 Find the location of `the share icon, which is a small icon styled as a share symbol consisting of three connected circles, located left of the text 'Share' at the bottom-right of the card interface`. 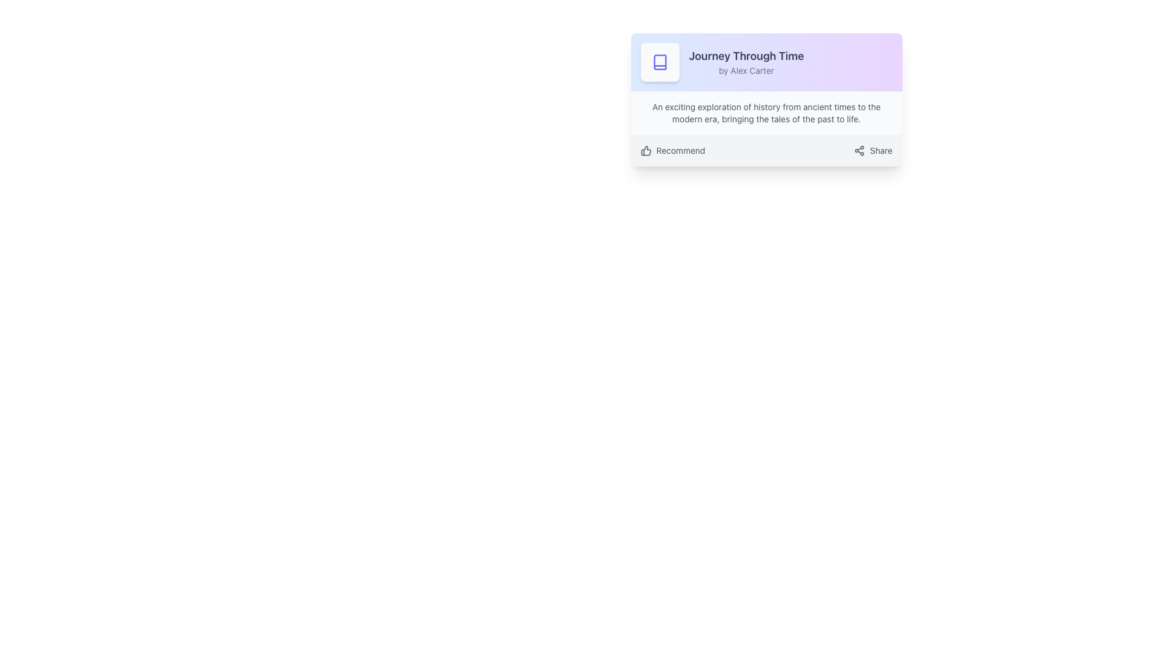

the share icon, which is a small icon styled as a share symbol consisting of three connected circles, located left of the text 'Share' at the bottom-right of the card interface is located at coordinates (859, 150).